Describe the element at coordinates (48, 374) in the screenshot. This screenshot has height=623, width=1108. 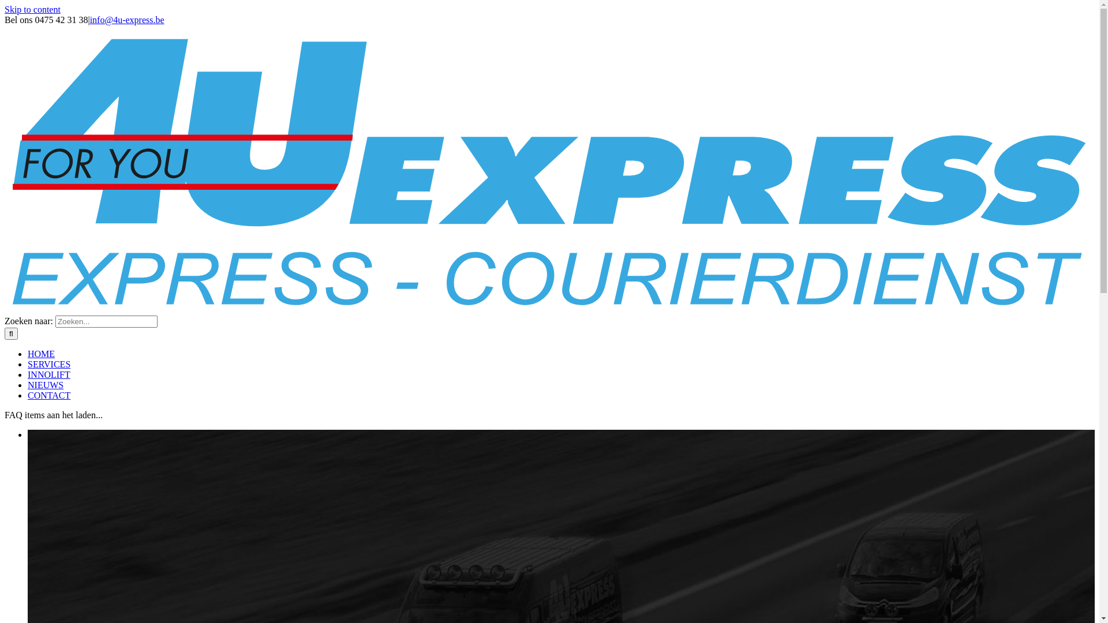
I see `'INNOLIFT'` at that location.